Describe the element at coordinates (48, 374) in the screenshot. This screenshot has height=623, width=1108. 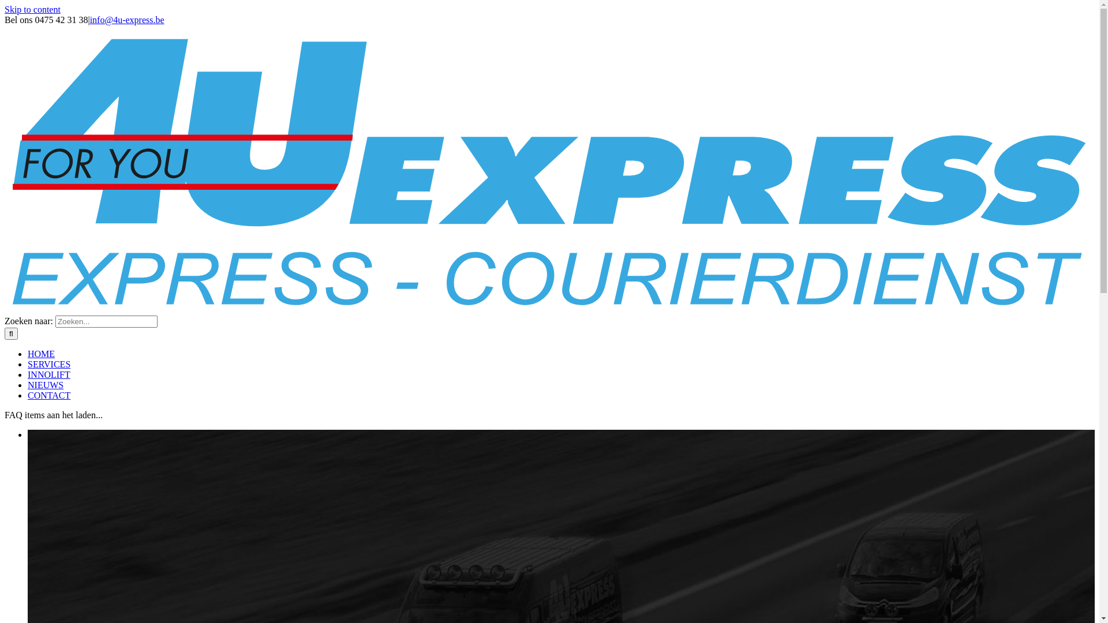
I see `'INNOLIFT'` at that location.